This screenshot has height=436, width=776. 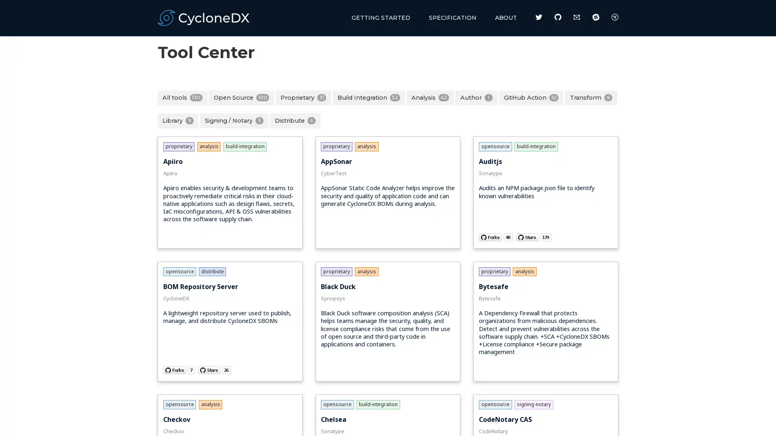 I want to click on GitHub Action 10, so click(x=531, y=97).